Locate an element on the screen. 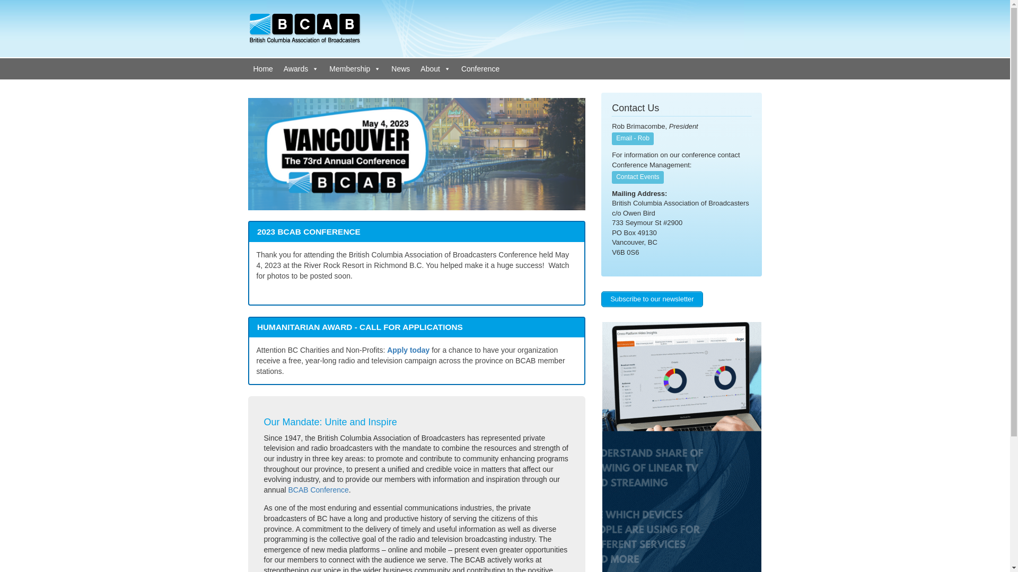 The height and width of the screenshot is (572, 1018). 'Awards' is located at coordinates (278, 69).